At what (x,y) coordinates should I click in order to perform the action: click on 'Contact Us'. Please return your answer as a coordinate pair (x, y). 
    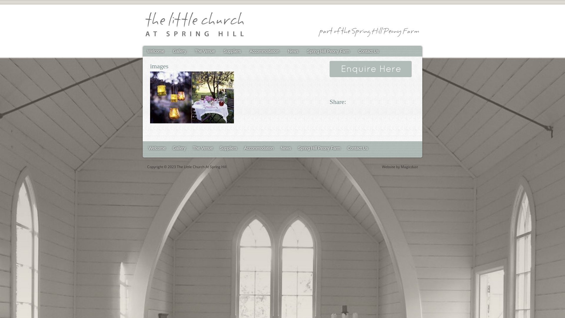
    Looking at the image, I should click on (357, 148).